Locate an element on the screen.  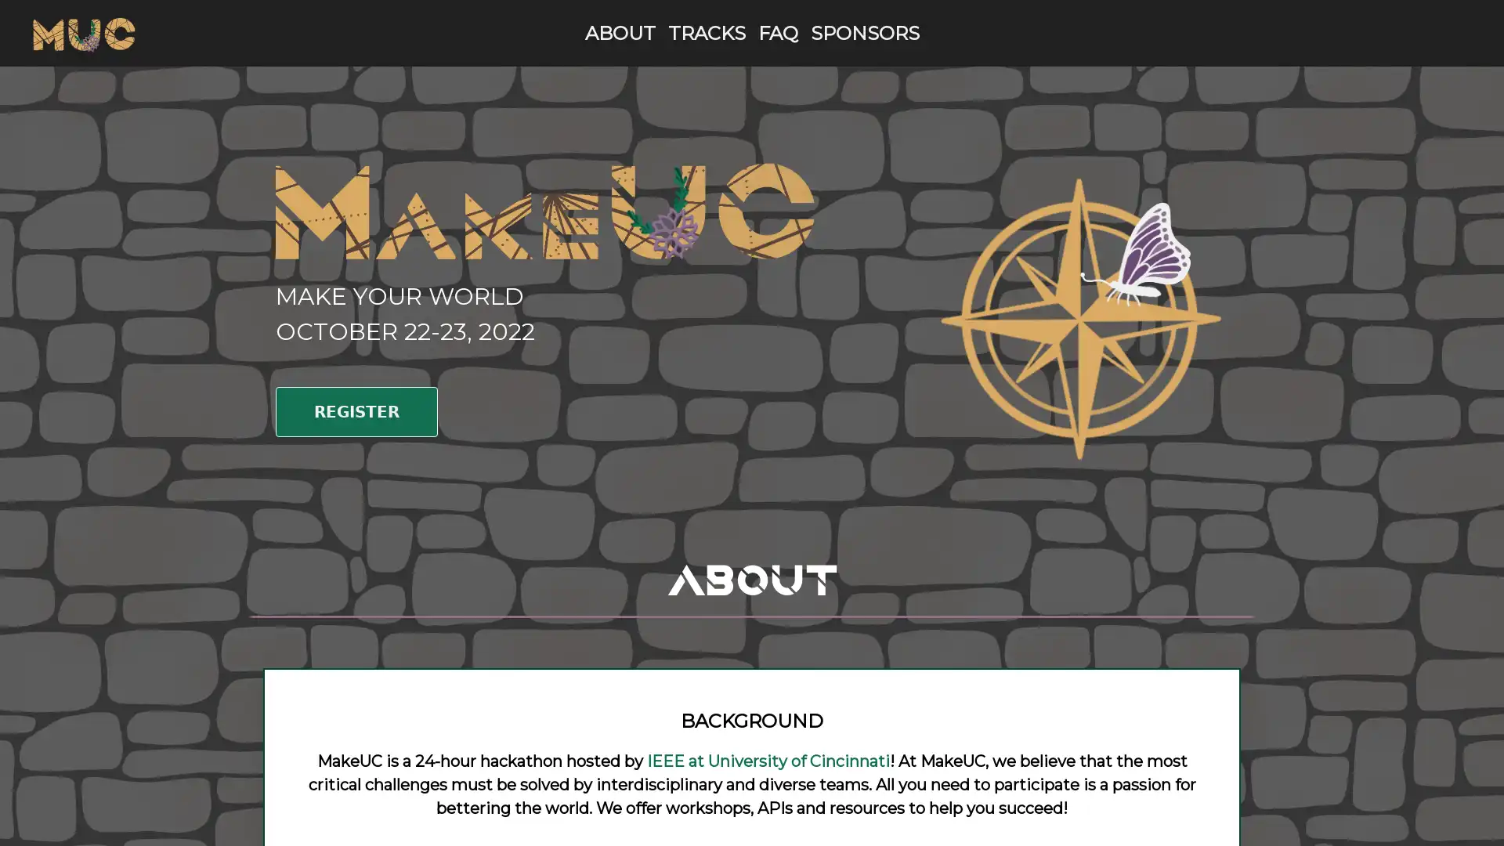
REGISTER is located at coordinates (356, 410).